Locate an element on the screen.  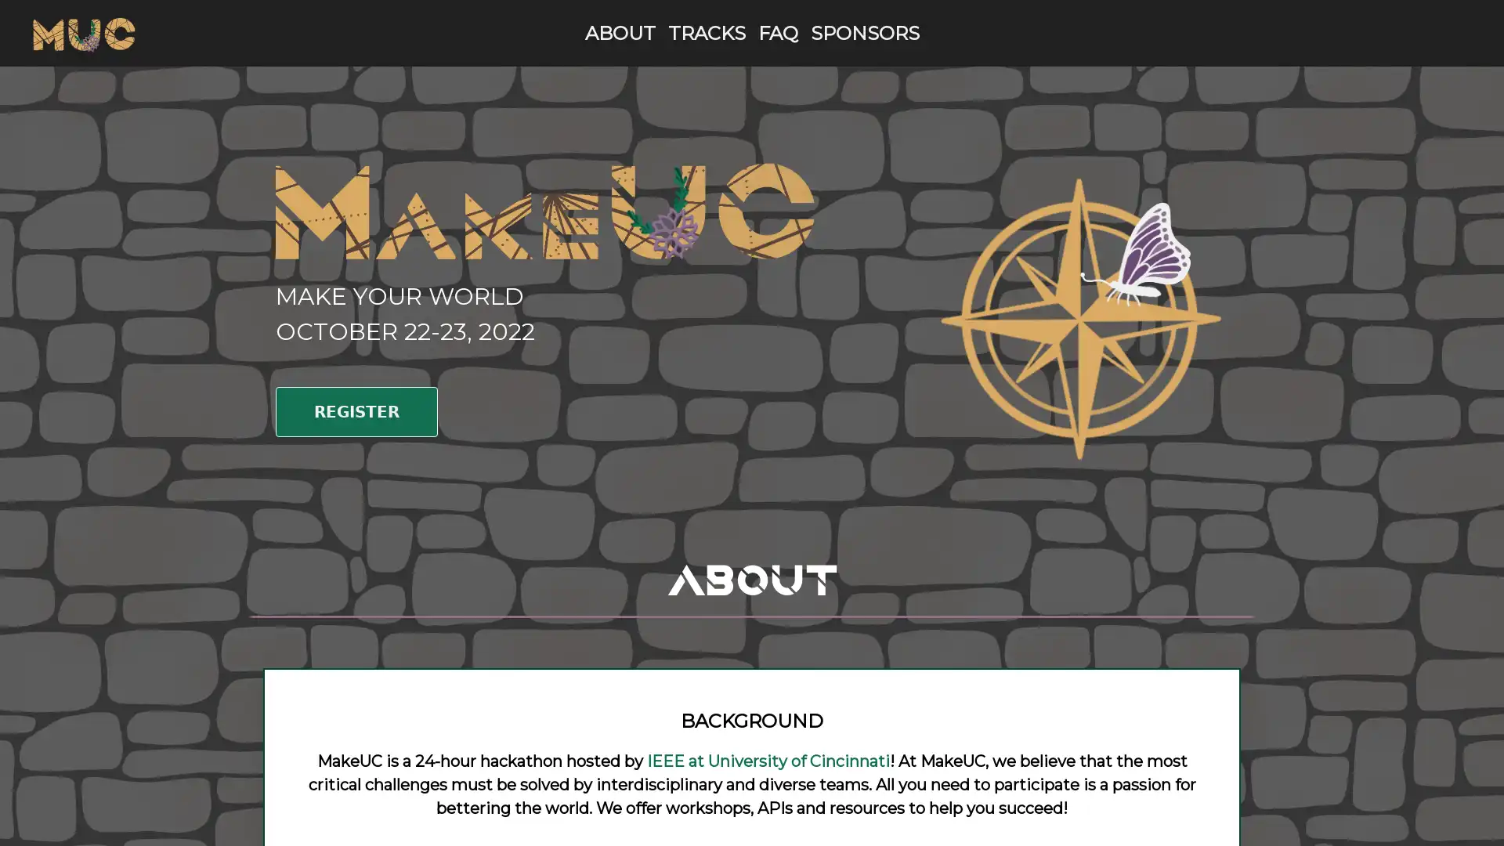
REGISTER is located at coordinates (356, 410).